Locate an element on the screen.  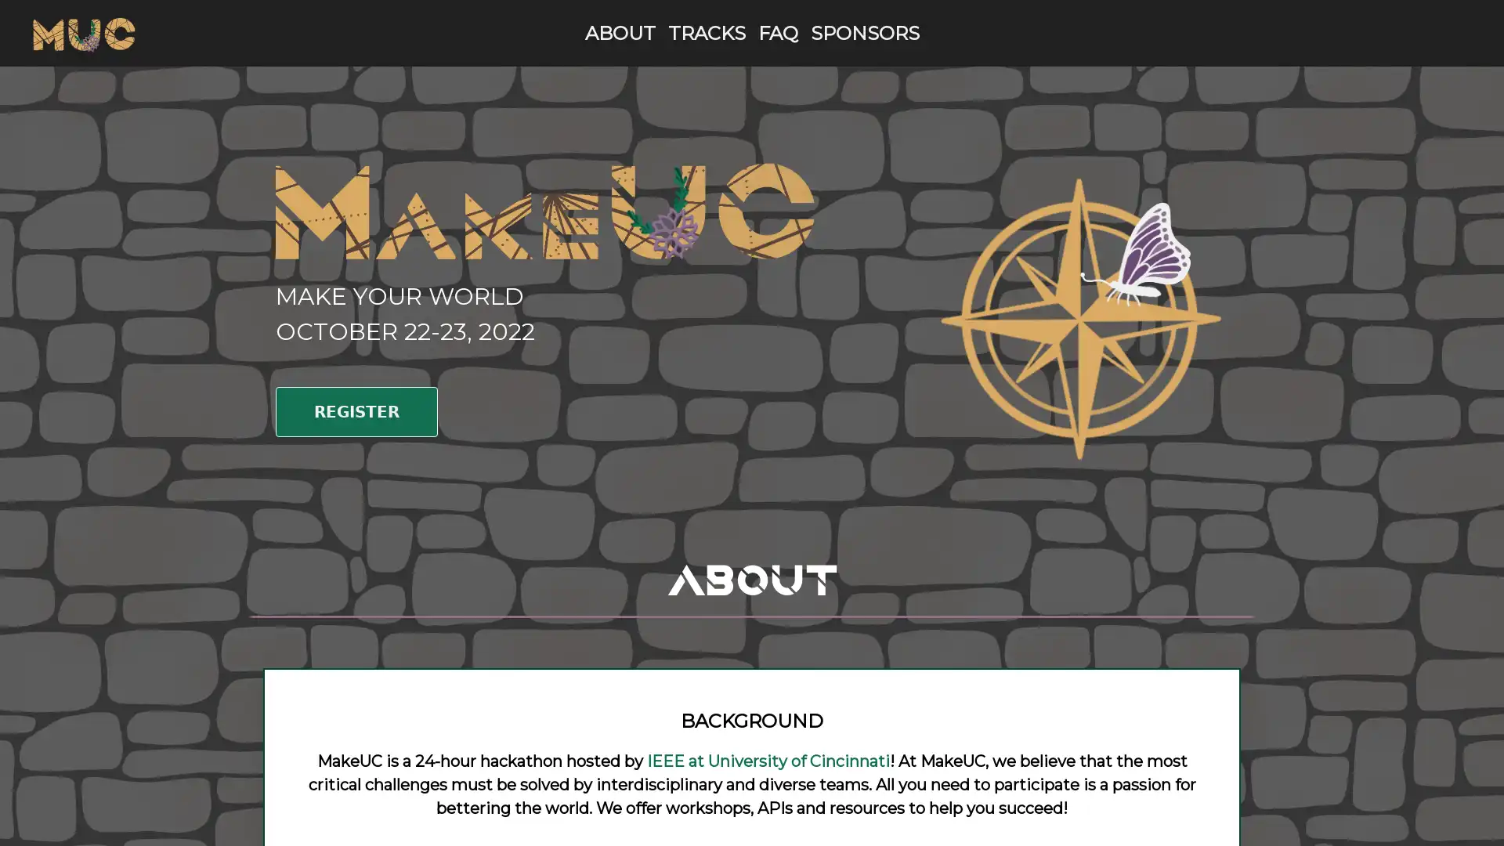
REGISTER is located at coordinates (356, 410).